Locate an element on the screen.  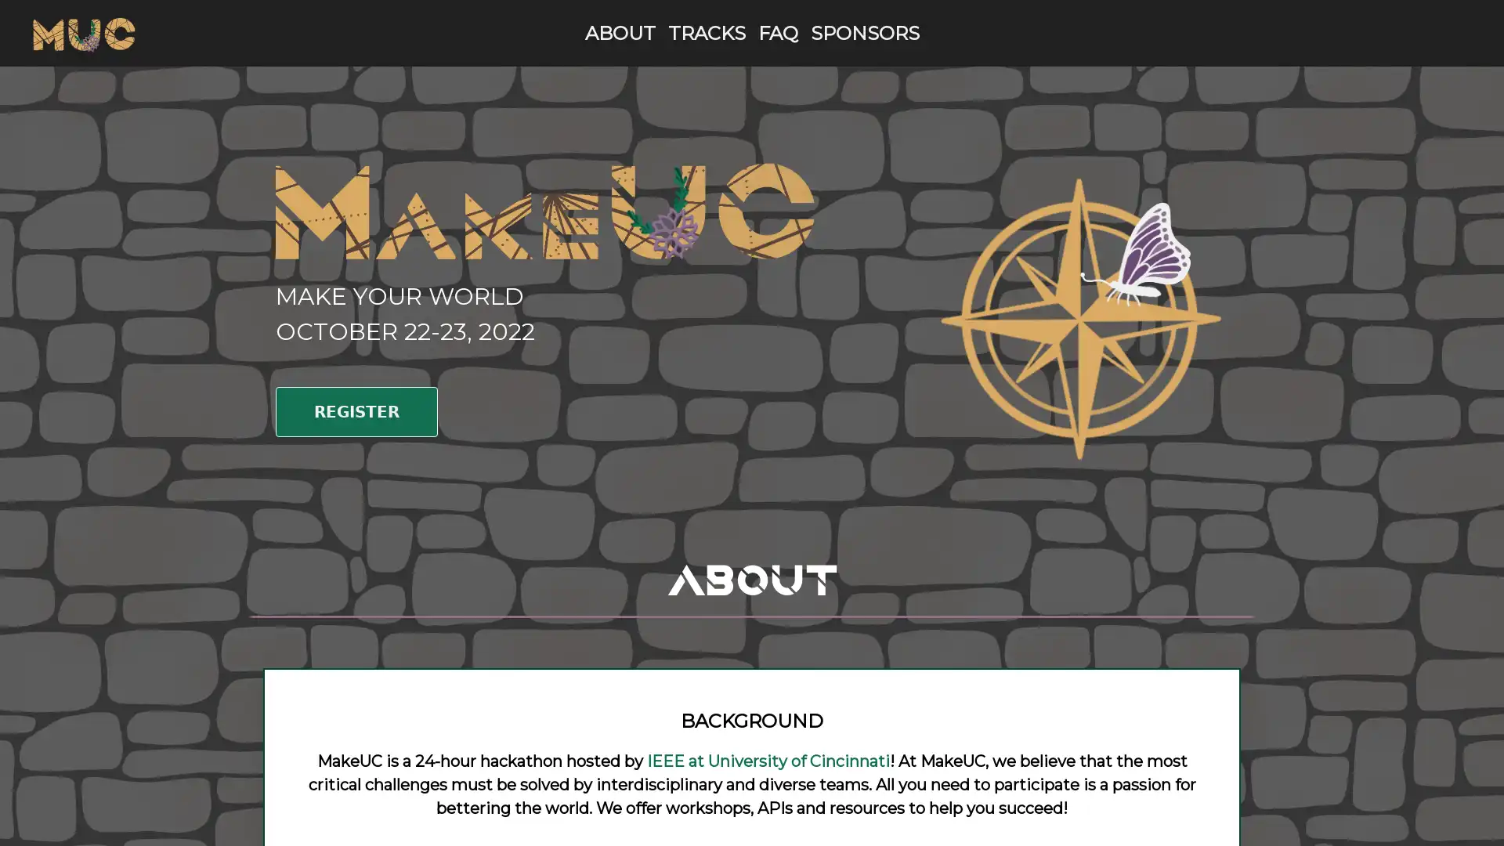
REGISTER is located at coordinates (356, 410).